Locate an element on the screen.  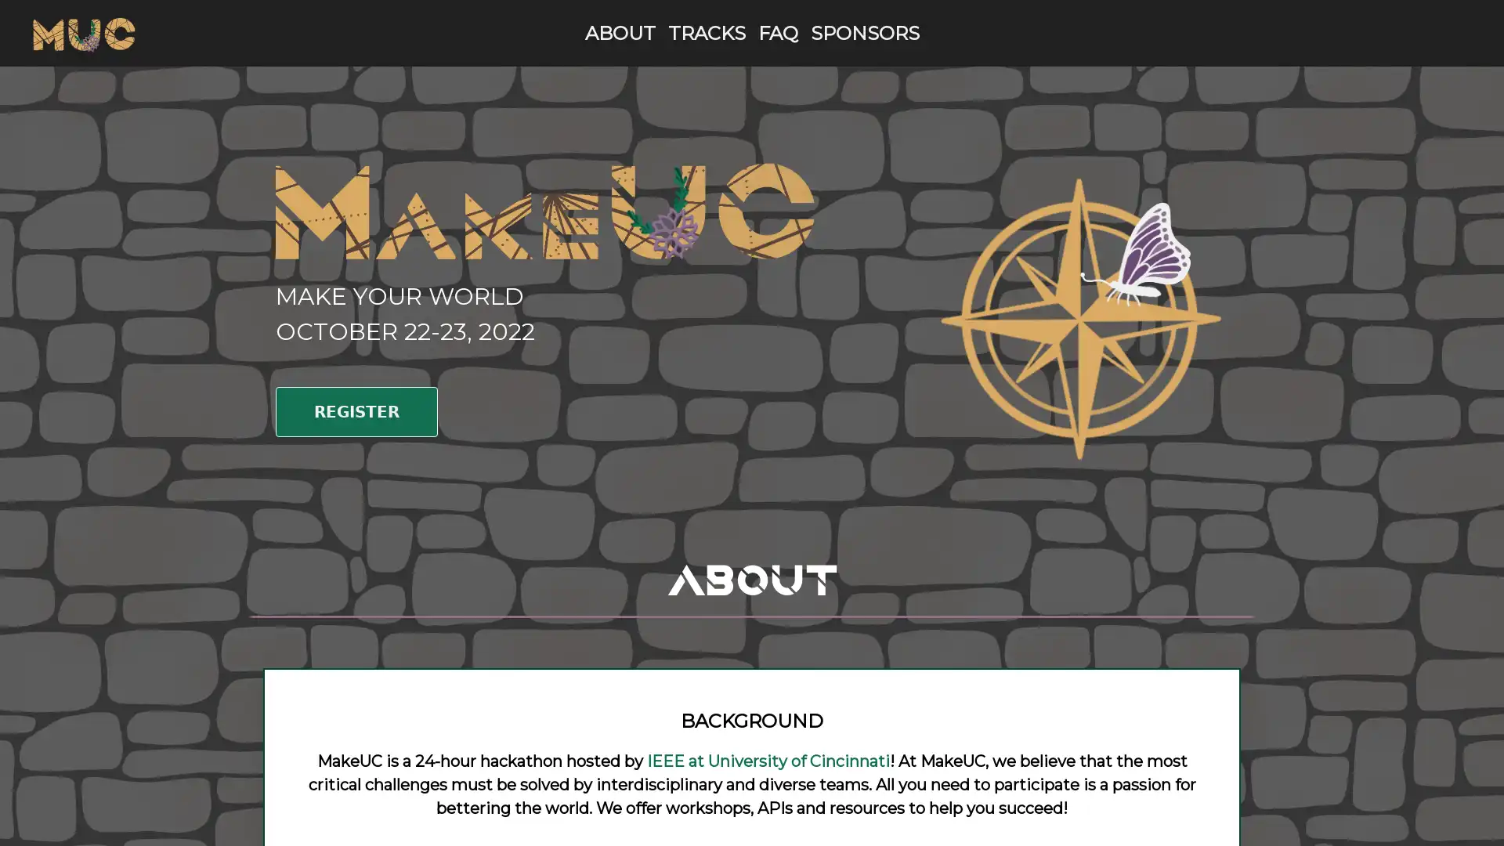
REGISTER is located at coordinates (356, 410).